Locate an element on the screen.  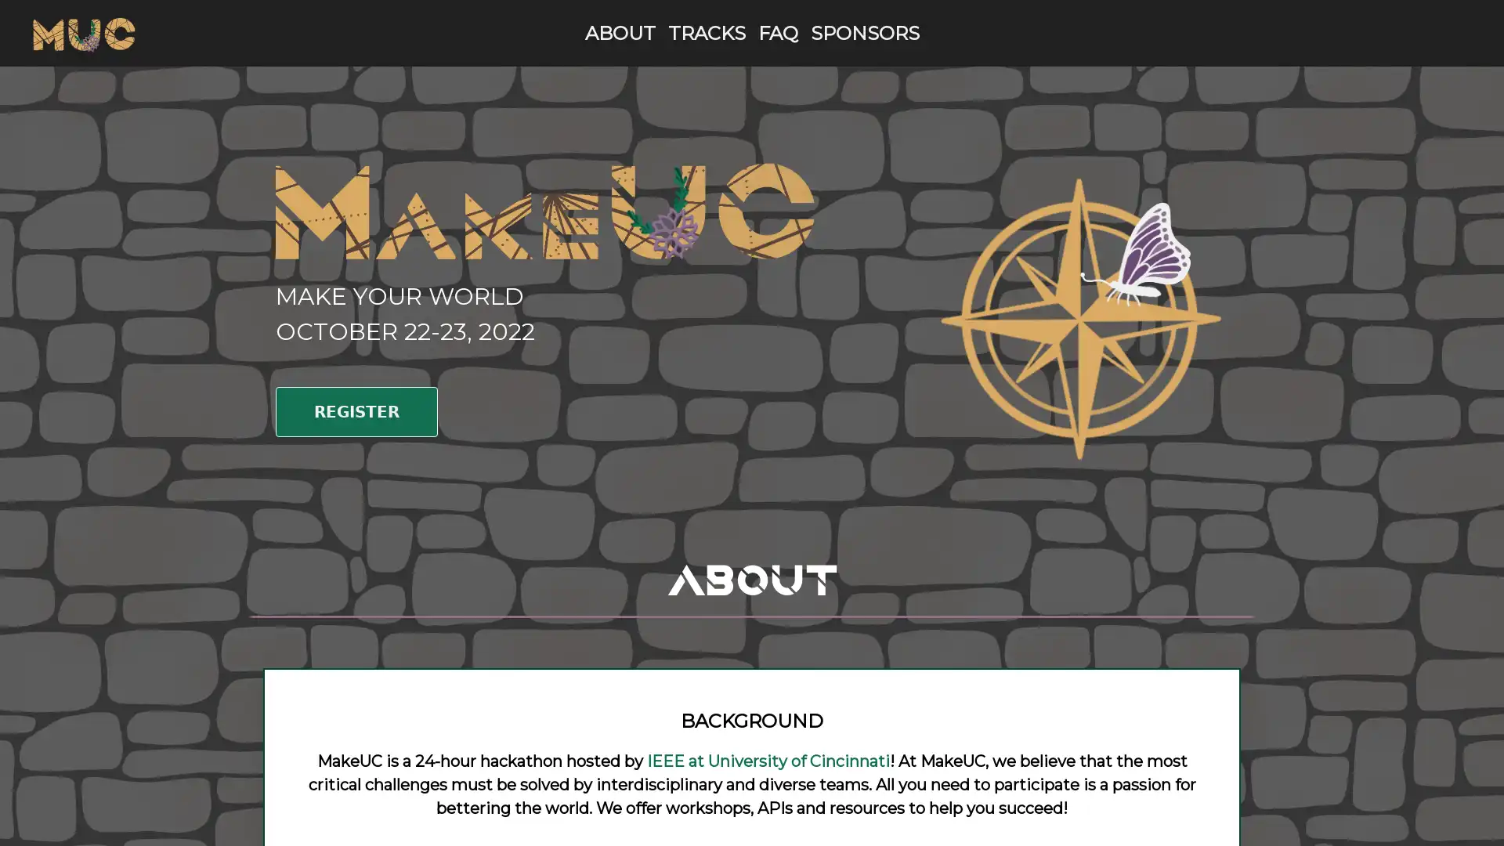
REGISTER is located at coordinates (356, 410).